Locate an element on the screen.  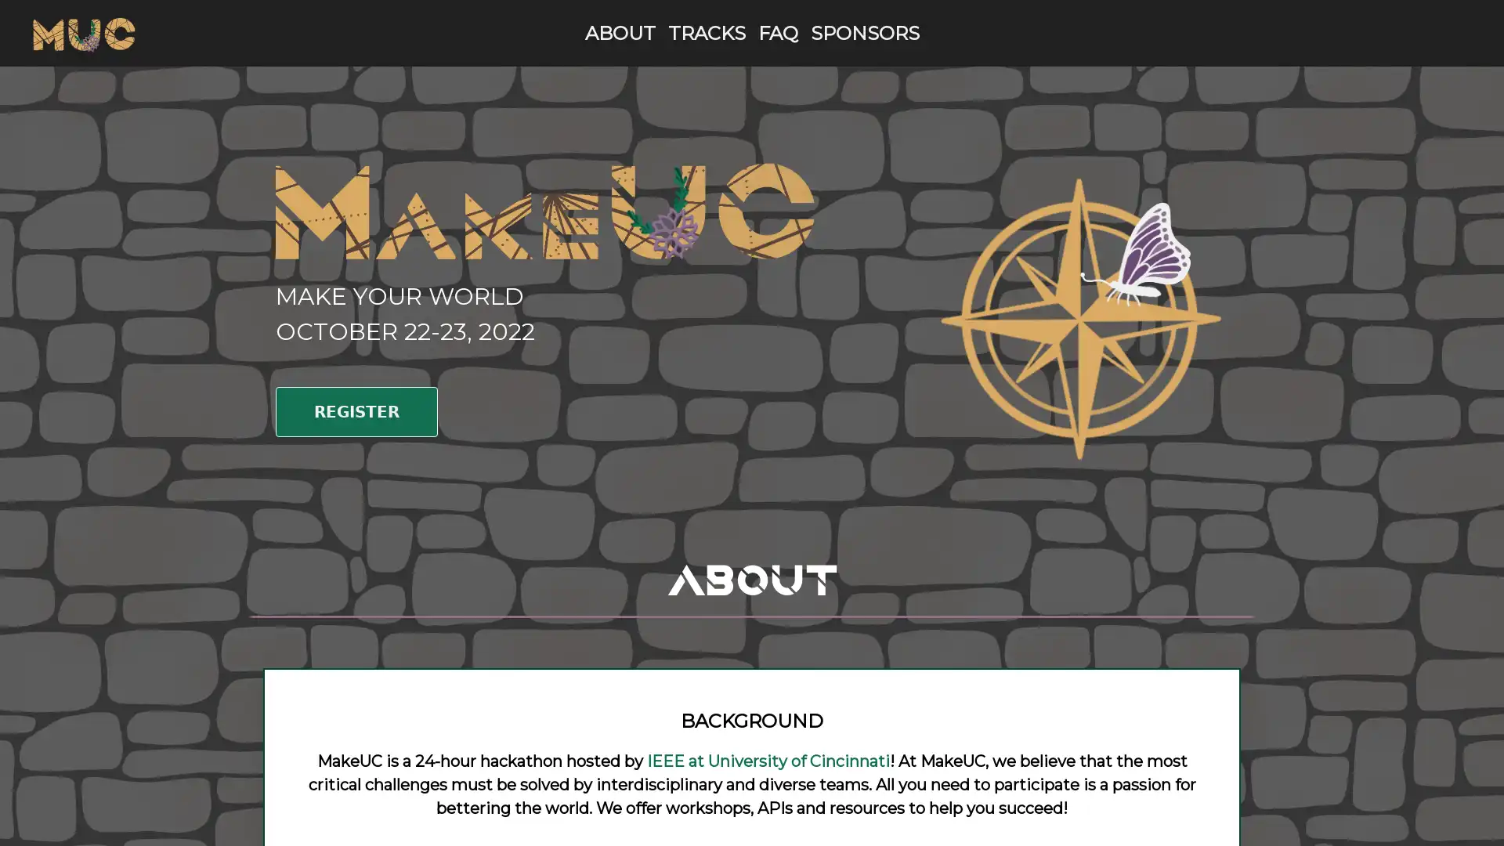
REGISTER is located at coordinates (356, 410).